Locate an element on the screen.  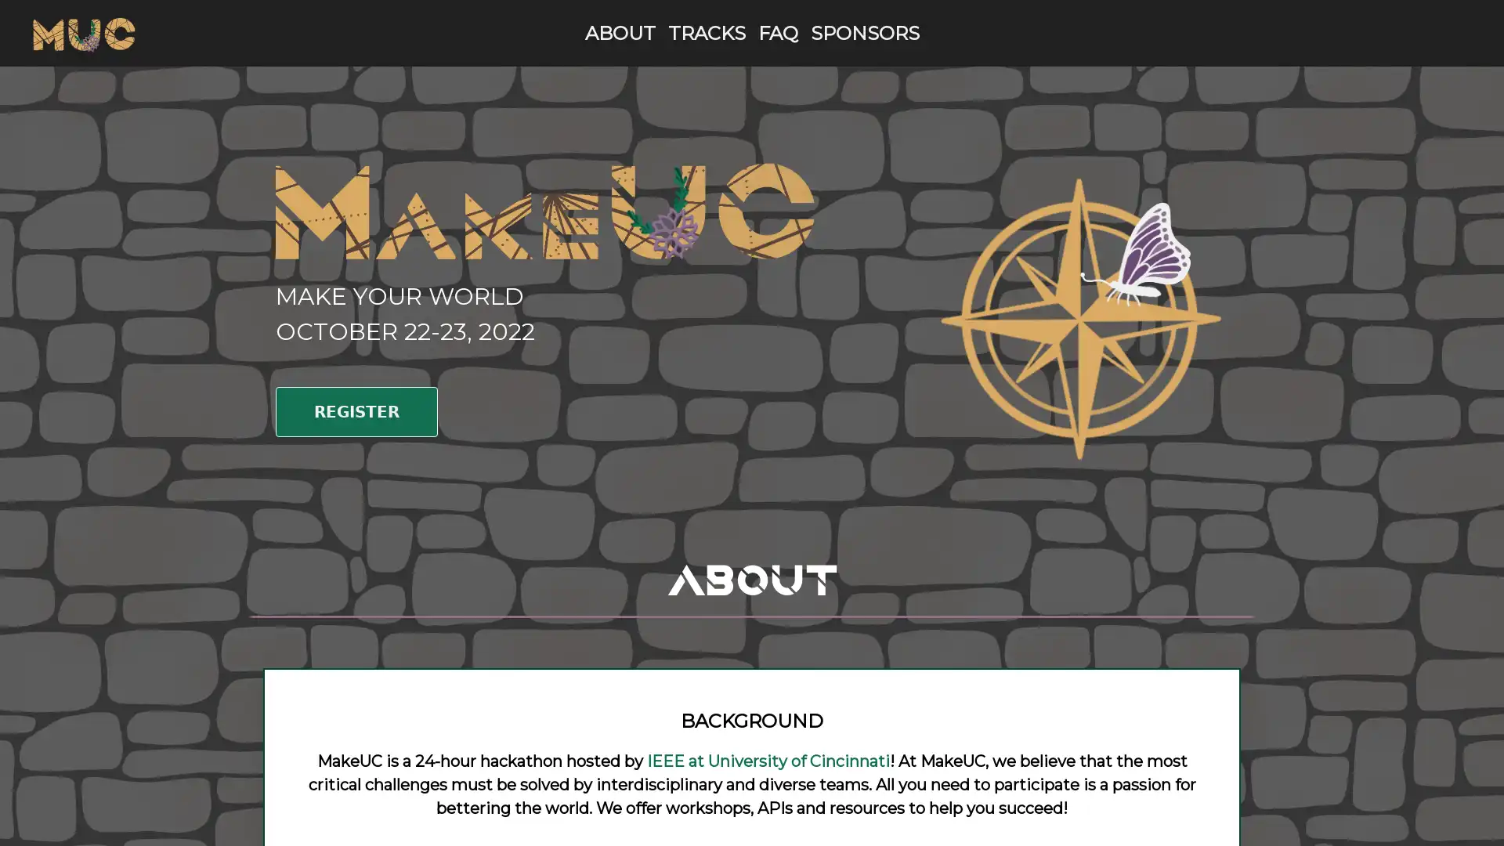
REGISTER is located at coordinates (356, 410).